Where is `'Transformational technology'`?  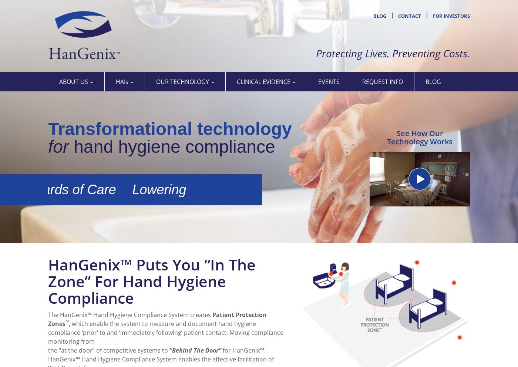 'Transformational technology' is located at coordinates (170, 128).